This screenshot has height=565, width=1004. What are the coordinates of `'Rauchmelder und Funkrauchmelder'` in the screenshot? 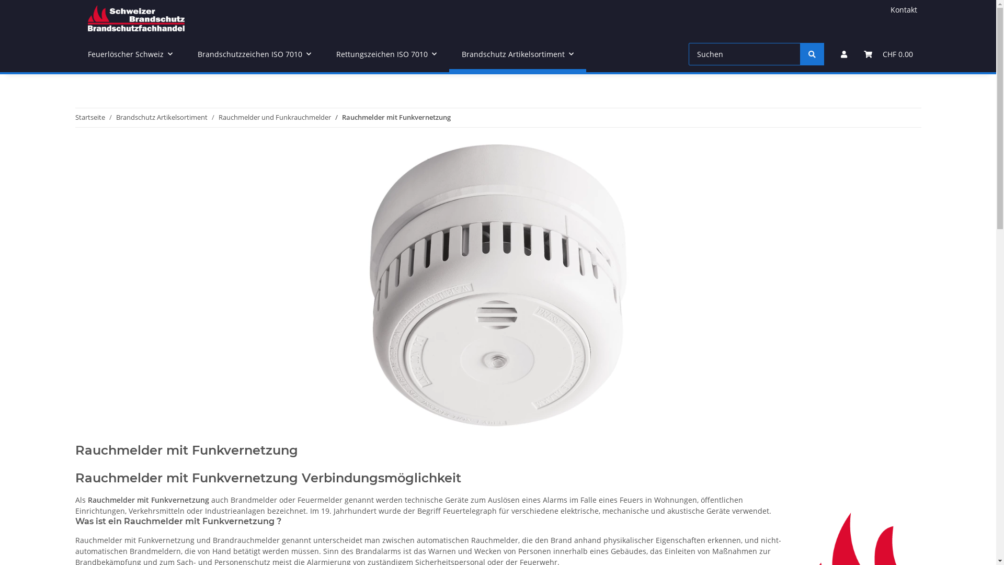 It's located at (218, 117).